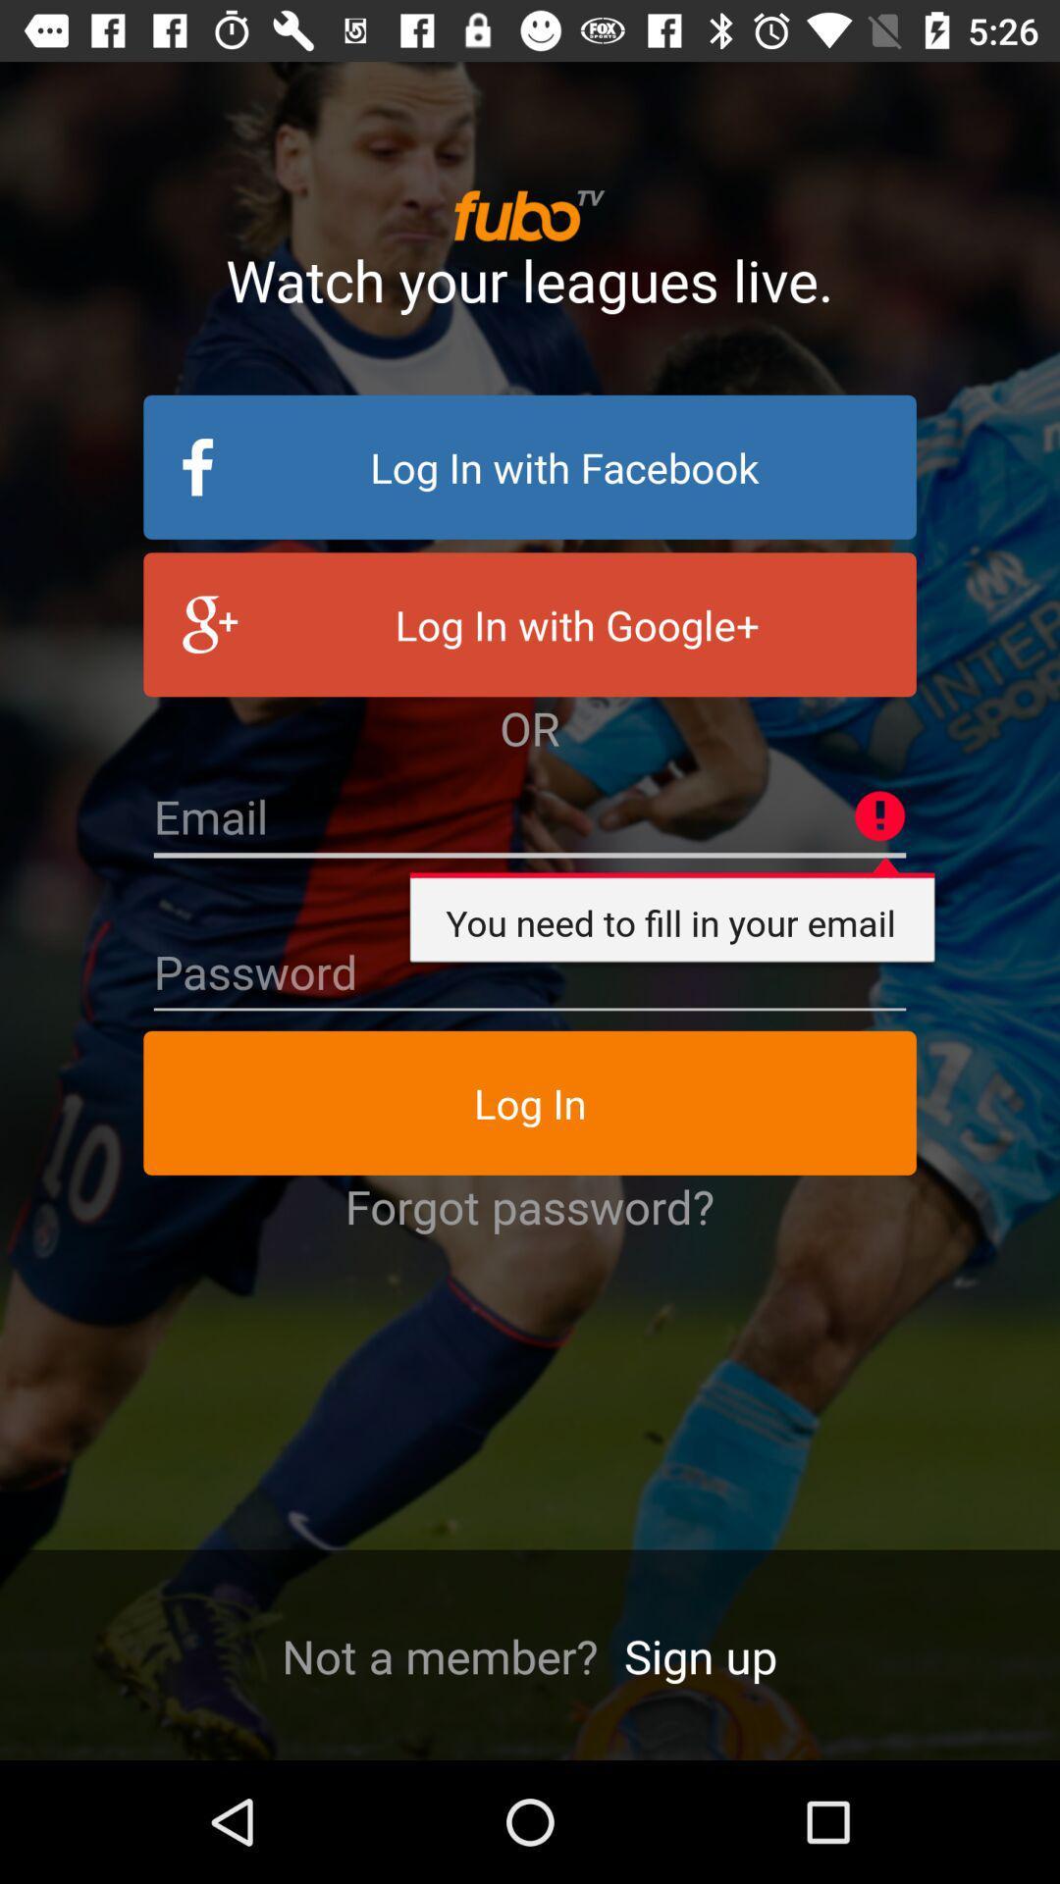 Image resolution: width=1060 pixels, height=1884 pixels. I want to click on the forgot password?, so click(530, 1205).